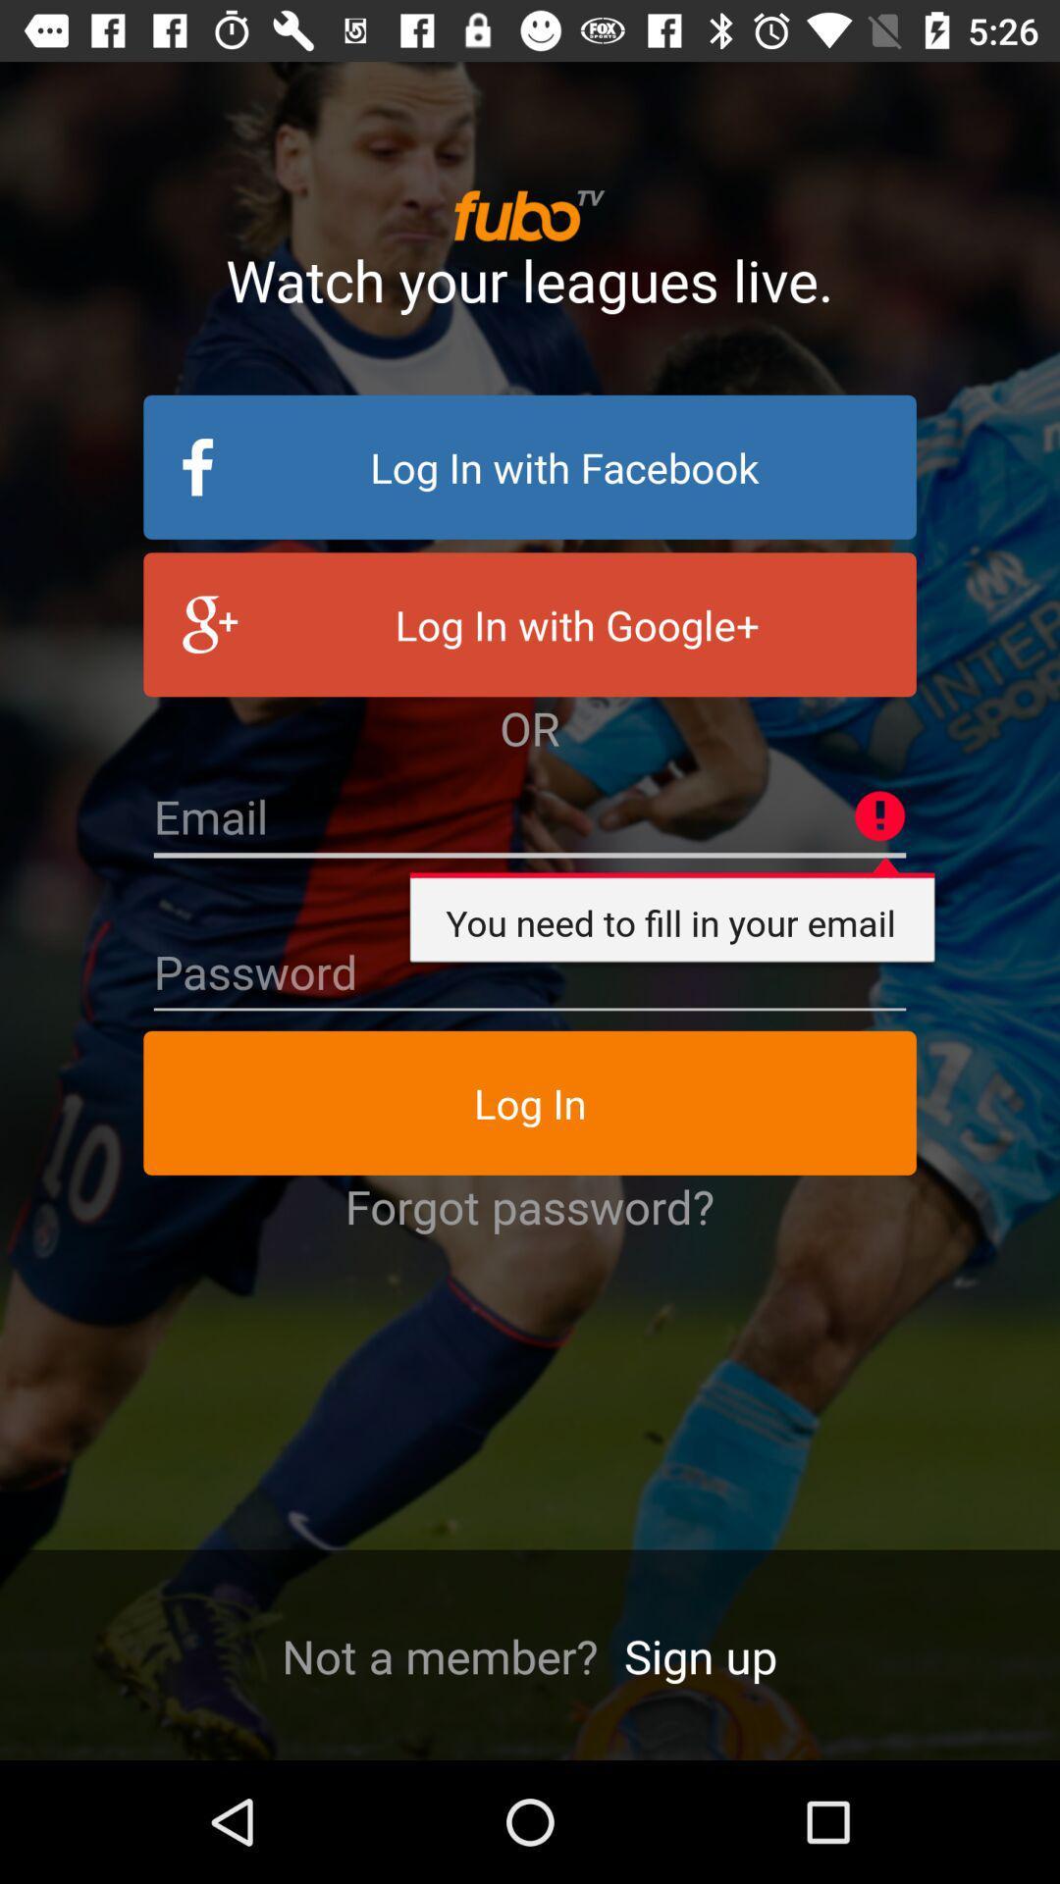 Image resolution: width=1060 pixels, height=1884 pixels. I want to click on the forgot password?, so click(530, 1205).